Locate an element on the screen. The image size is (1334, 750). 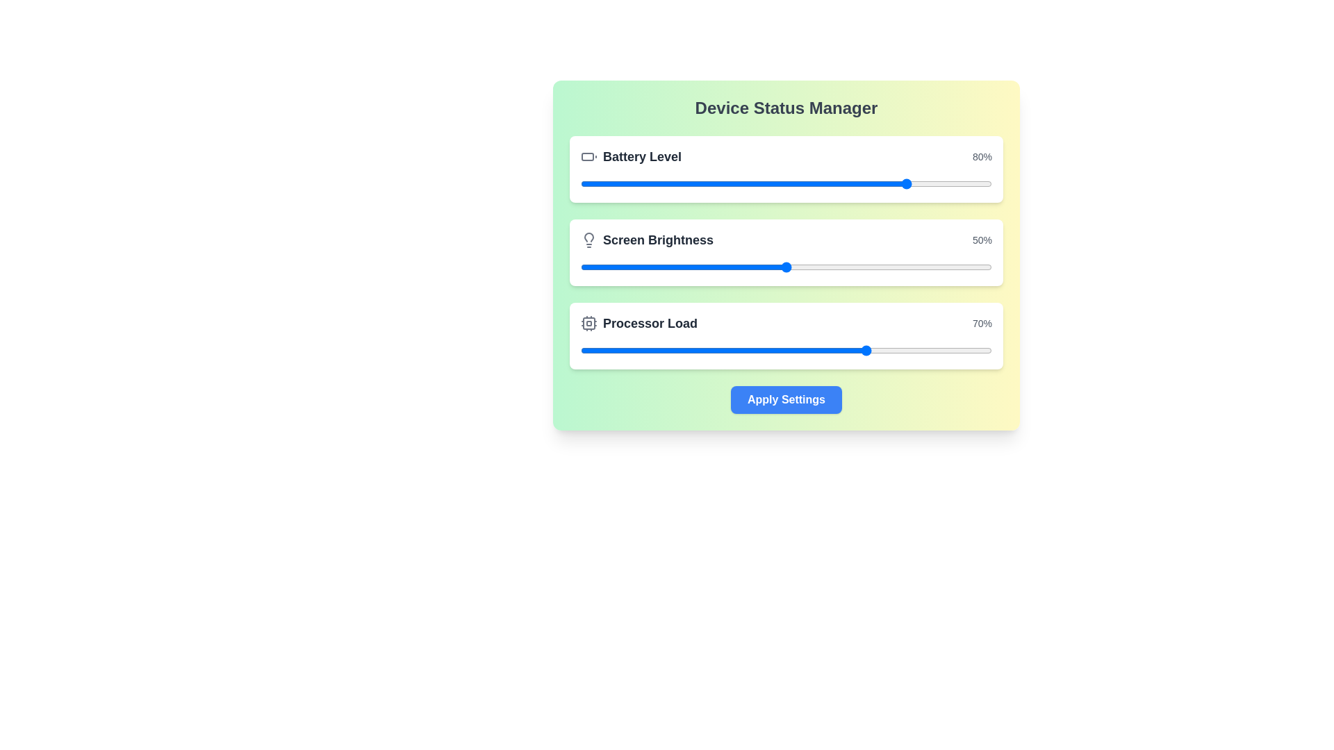
Processor Load is located at coordinates (637, 350).